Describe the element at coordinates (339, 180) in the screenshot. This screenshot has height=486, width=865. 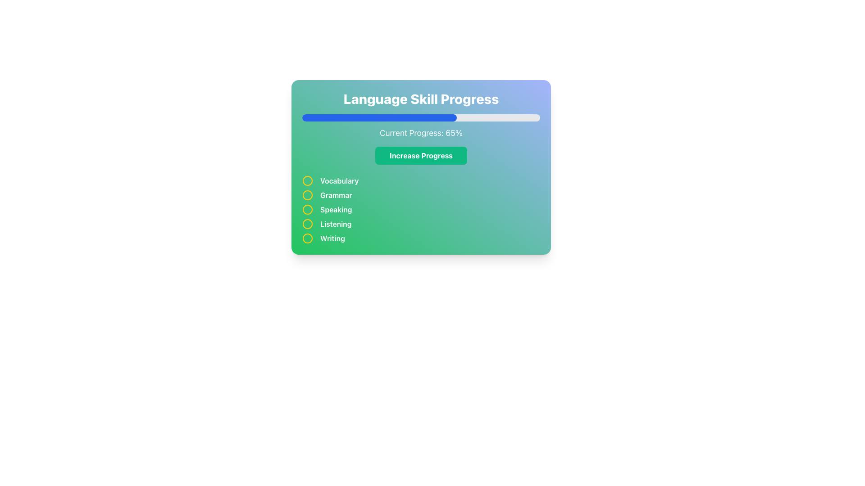
I see `the text label that reads 'Vocabulary', styled with a light gray font and bold typeface, which is the first text label in a vertical list of learning categories` at that location.